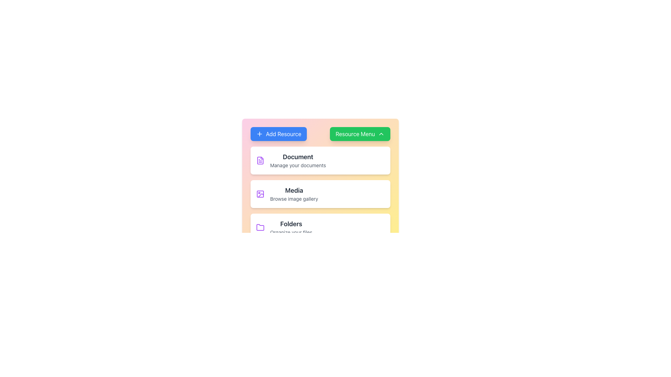 The width and height of the screenshot is (671, 377). Describe the element at coordinates (298, 157) in the screenshot. I see `the text label that reads 'Document', styled with a large and bold font in dark gray color, positioned above the text 'Manage your documents'` at that location.